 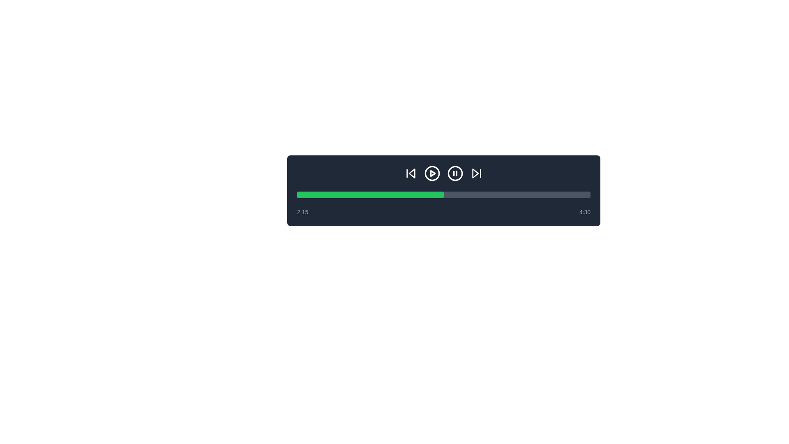 What do you see at coordinates (412, 173) in the screenshot?
I see `the previous track button on the media player interface` at bounding box center [412, 173].